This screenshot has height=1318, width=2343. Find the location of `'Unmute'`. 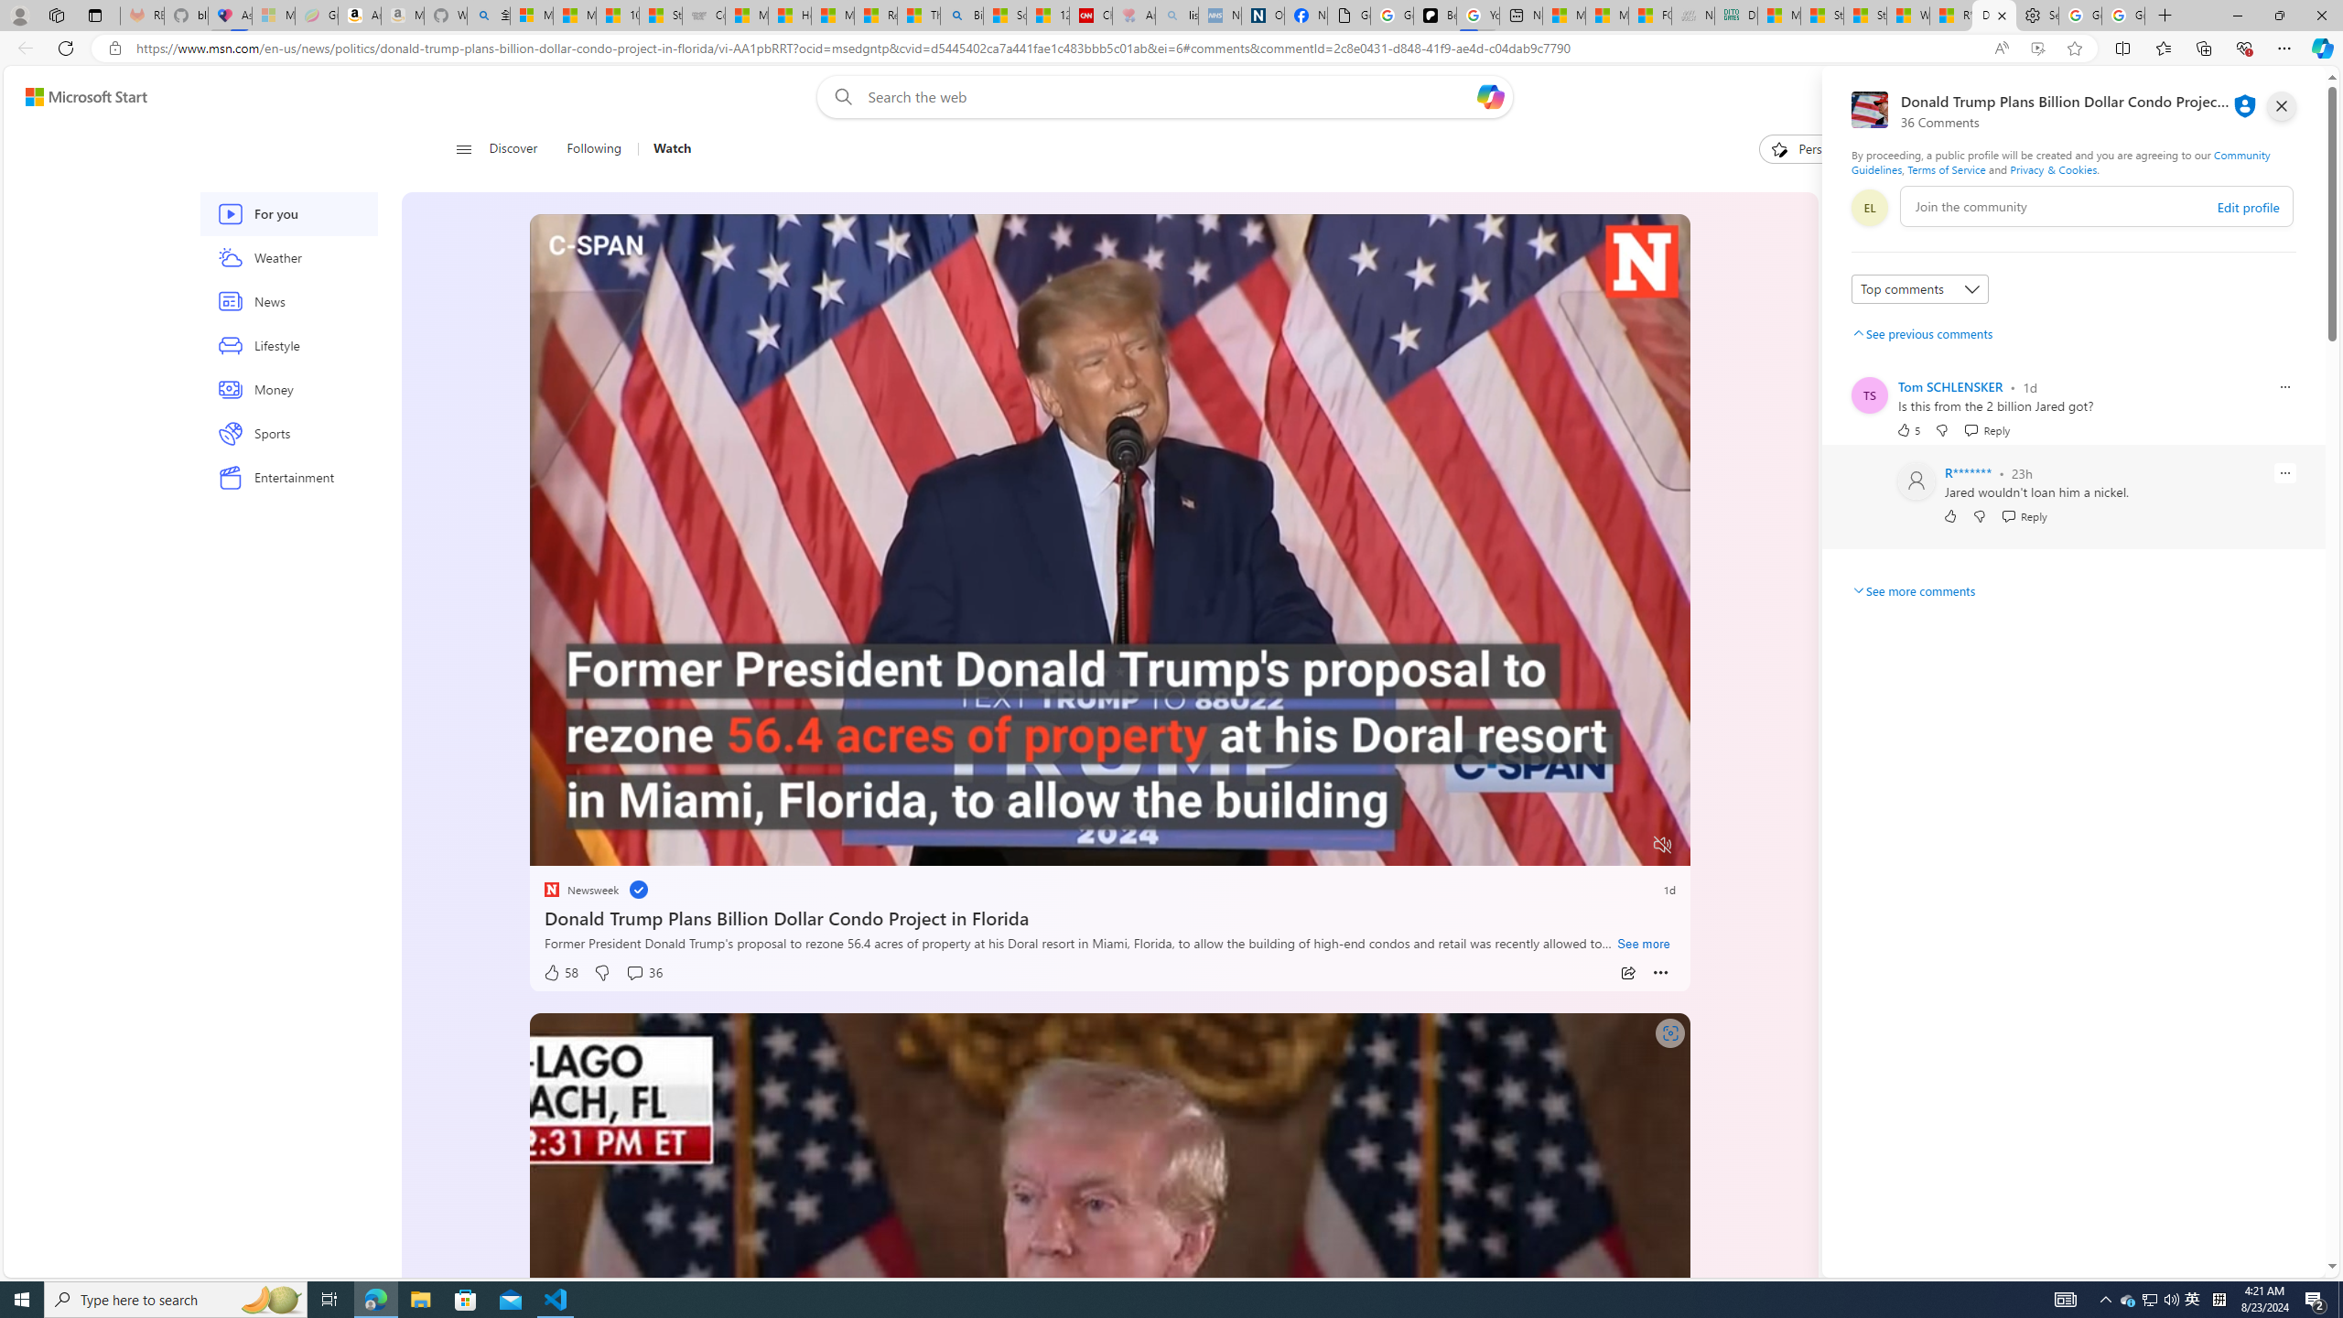

'Unmute' is located at coordinates (1663, 844).